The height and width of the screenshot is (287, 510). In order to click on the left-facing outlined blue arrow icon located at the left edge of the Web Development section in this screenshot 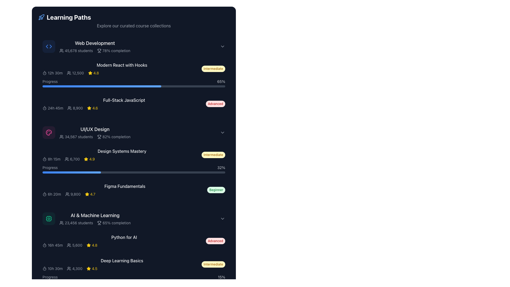, I will do `click(47, 46)`.